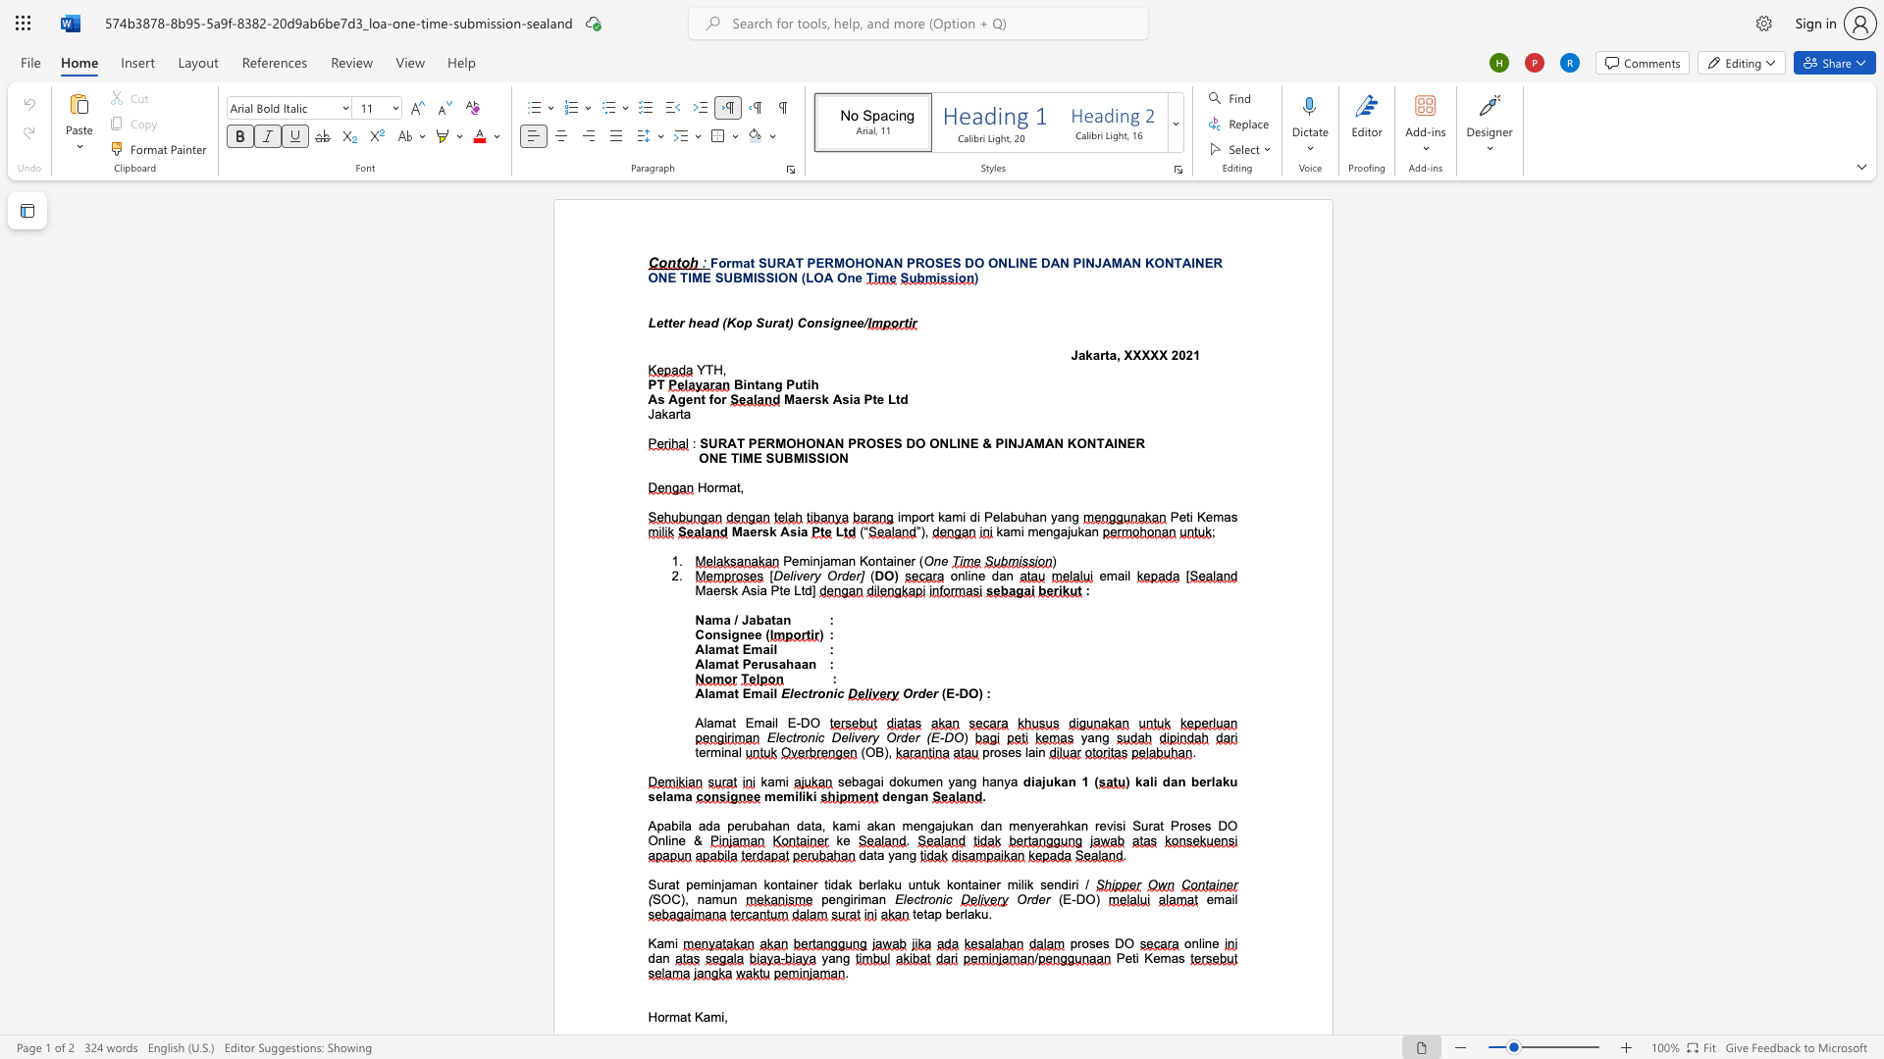  What do you see at coordinates (691, 277) in the screenshot?
I see `the subset text "ME SUBM" within the text "ONE TIME SUBMISSION"` at bounding box center [691, 277].